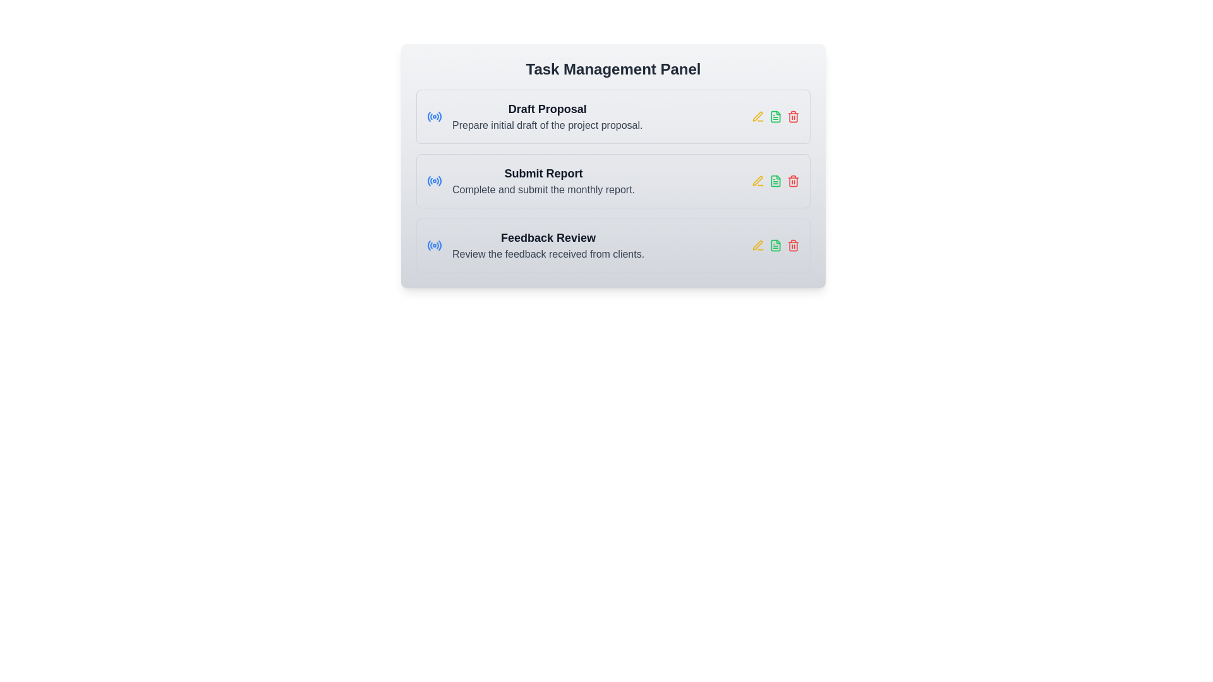 This screenshot has height=682, width=1213. Describe the element at coordinates (775, 181) in the screenshot. I see `the small green icon depicting a file with lines representing text in the 'Submit Report' task section, which is the second icon from the right and is located to the left of the red trashcan icon` at that location.